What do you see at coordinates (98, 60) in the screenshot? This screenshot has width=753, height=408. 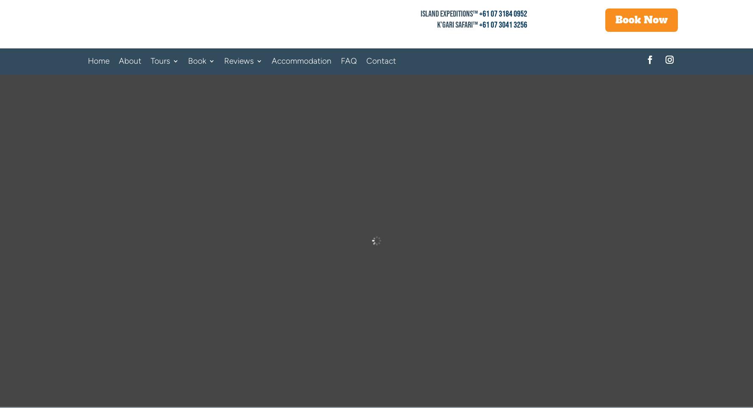 I see `'Home'` at bounding box center [98, 60].